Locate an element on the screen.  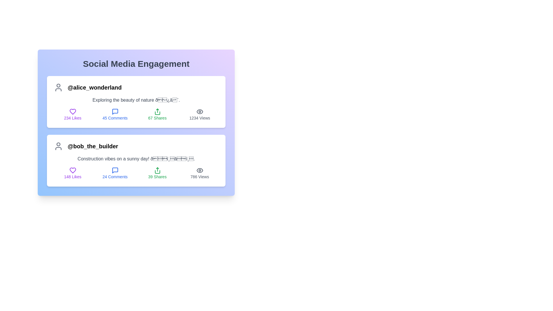
the share icon button located to the left of the '67 Shares' text associated with the post by '@alice_wonderland' is located at coordinates (157, 112).